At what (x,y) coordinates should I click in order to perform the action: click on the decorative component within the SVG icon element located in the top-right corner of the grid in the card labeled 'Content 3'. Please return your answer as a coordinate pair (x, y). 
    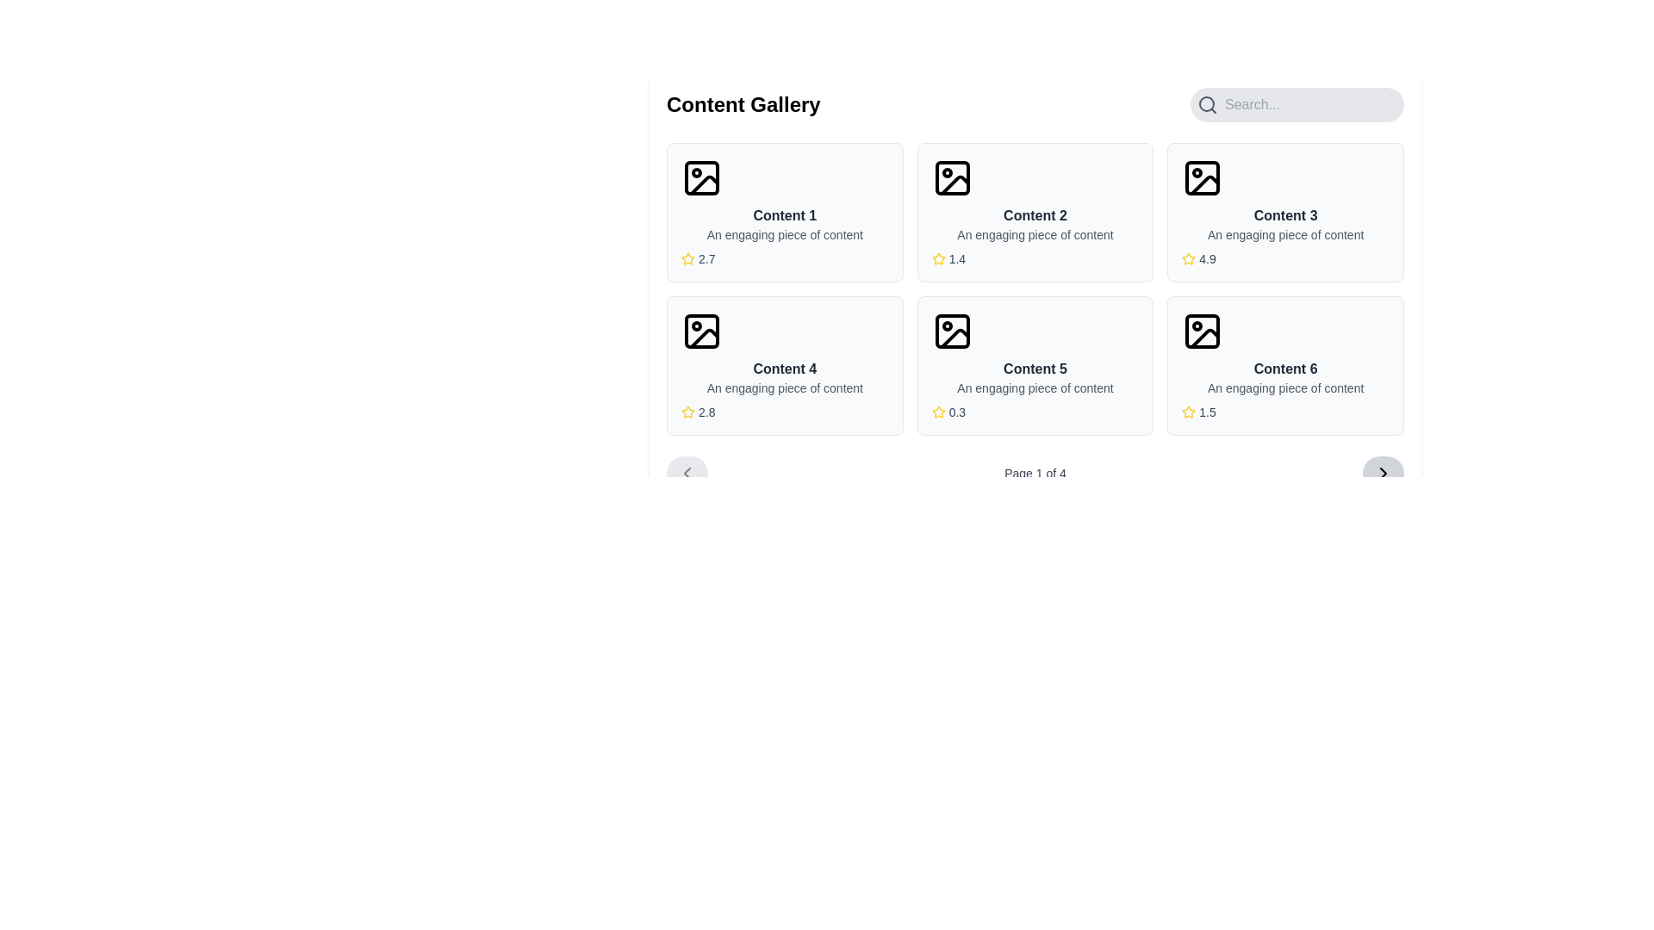
    Looking at the image, I should click on (1202, 178).